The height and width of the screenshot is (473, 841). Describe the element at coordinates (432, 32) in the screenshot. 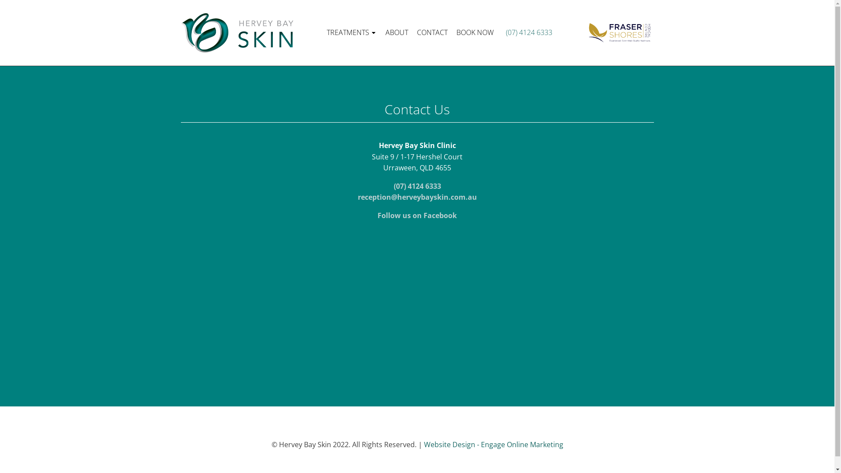

I see `'CONTACT'` at that location.